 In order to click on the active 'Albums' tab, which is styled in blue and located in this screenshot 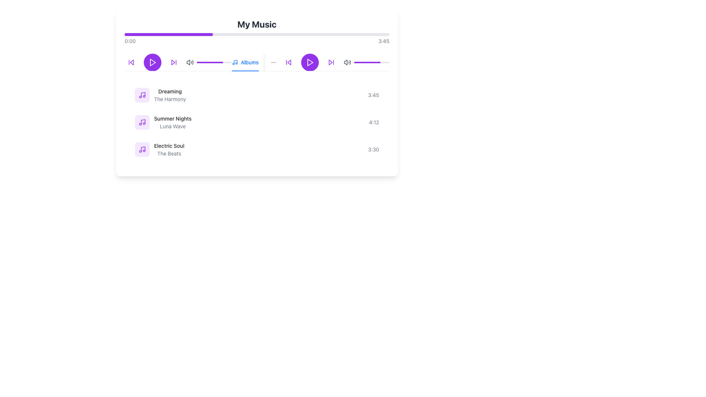, I will do `click(245, 62)`.